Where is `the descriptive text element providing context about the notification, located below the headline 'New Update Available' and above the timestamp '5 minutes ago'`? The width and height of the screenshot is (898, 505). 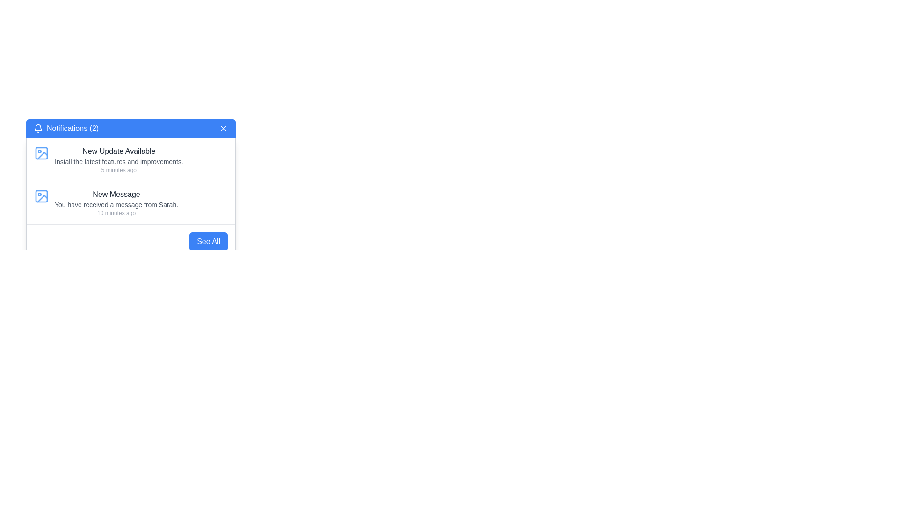
the descriptive text element providing context about the notification, located below the headline 'New Update Available' and above the timestamp '5 minutes ago' is located at coordinates (118, 161).